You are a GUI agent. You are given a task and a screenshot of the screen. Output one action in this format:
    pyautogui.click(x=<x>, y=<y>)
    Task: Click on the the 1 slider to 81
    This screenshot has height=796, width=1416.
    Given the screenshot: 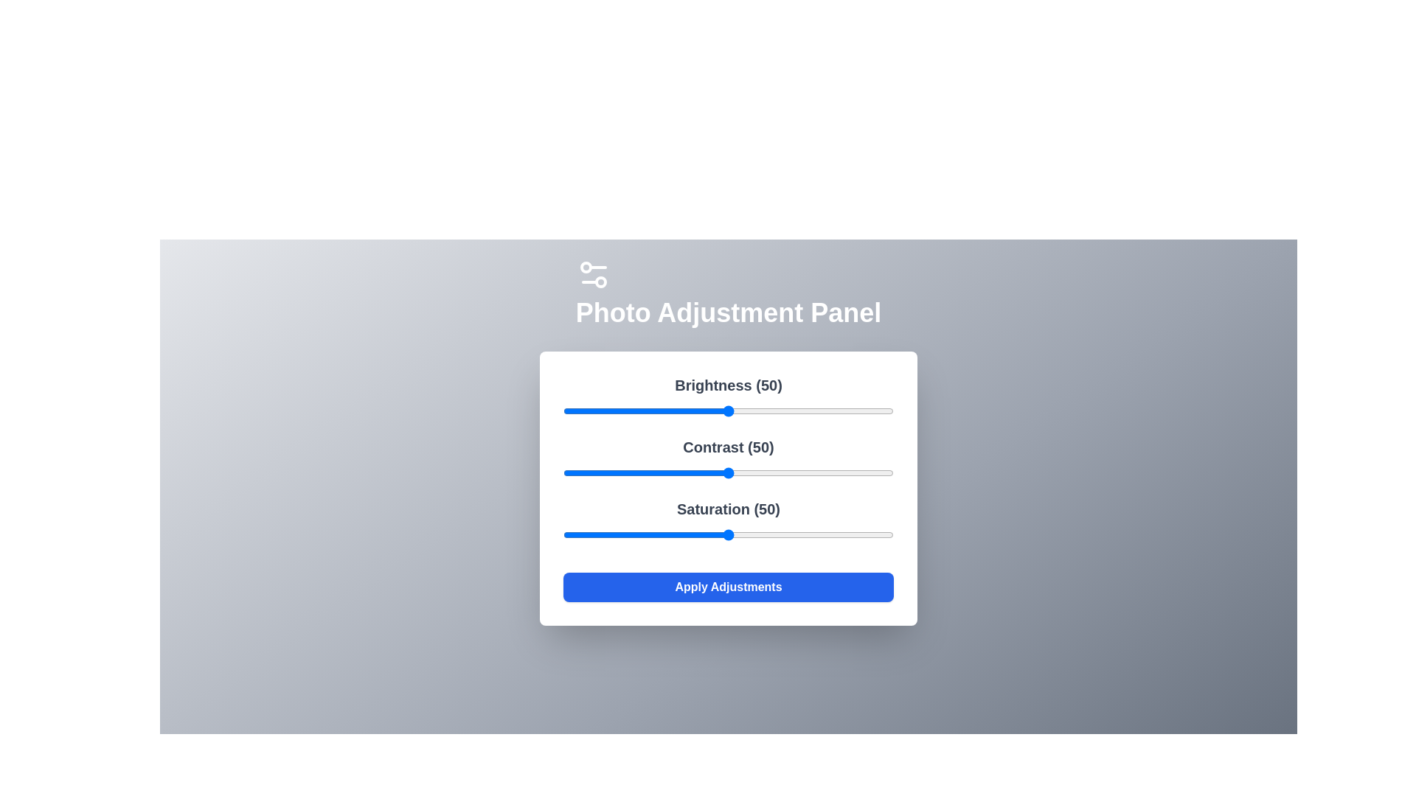 What is the action you would take?
    pyautogui.click(x=830, y=472)
    